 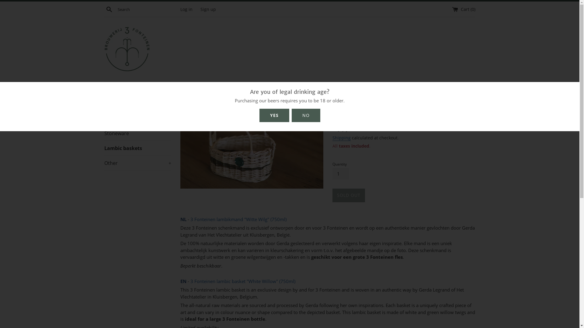 What do you see at coordinates (186, 9) in the screenshot?
I see `'Log in'` at bounding box center [186, 9].